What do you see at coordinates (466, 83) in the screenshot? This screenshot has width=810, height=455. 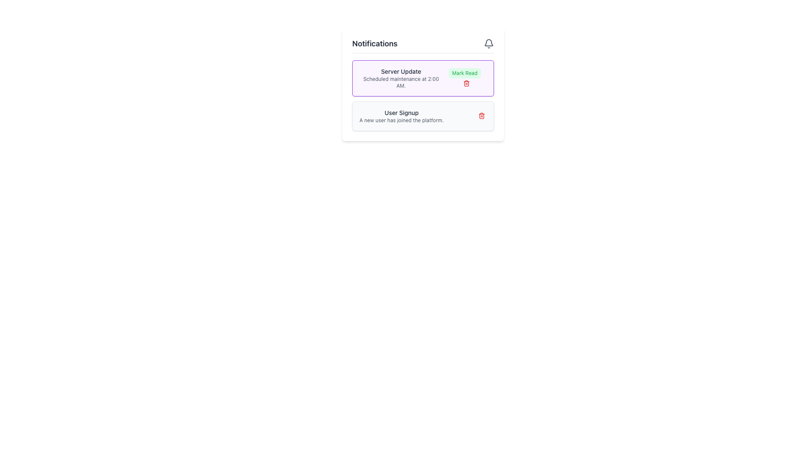 I see `the red-colored trash bin icon button located in the upper notification card for keyboard interaction` at bounding box center [466, 83].